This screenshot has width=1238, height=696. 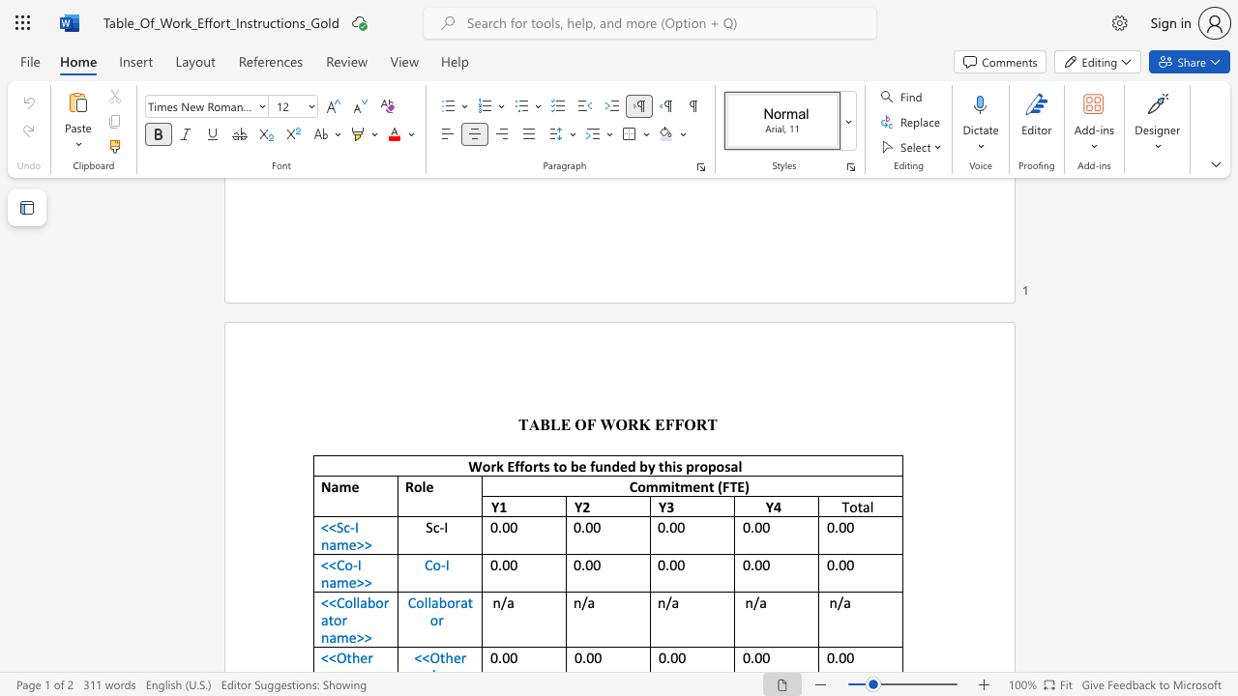 I want to click on the subset text "e>" within the text "<<Sc-I name>>", so click(x=348, y=544).